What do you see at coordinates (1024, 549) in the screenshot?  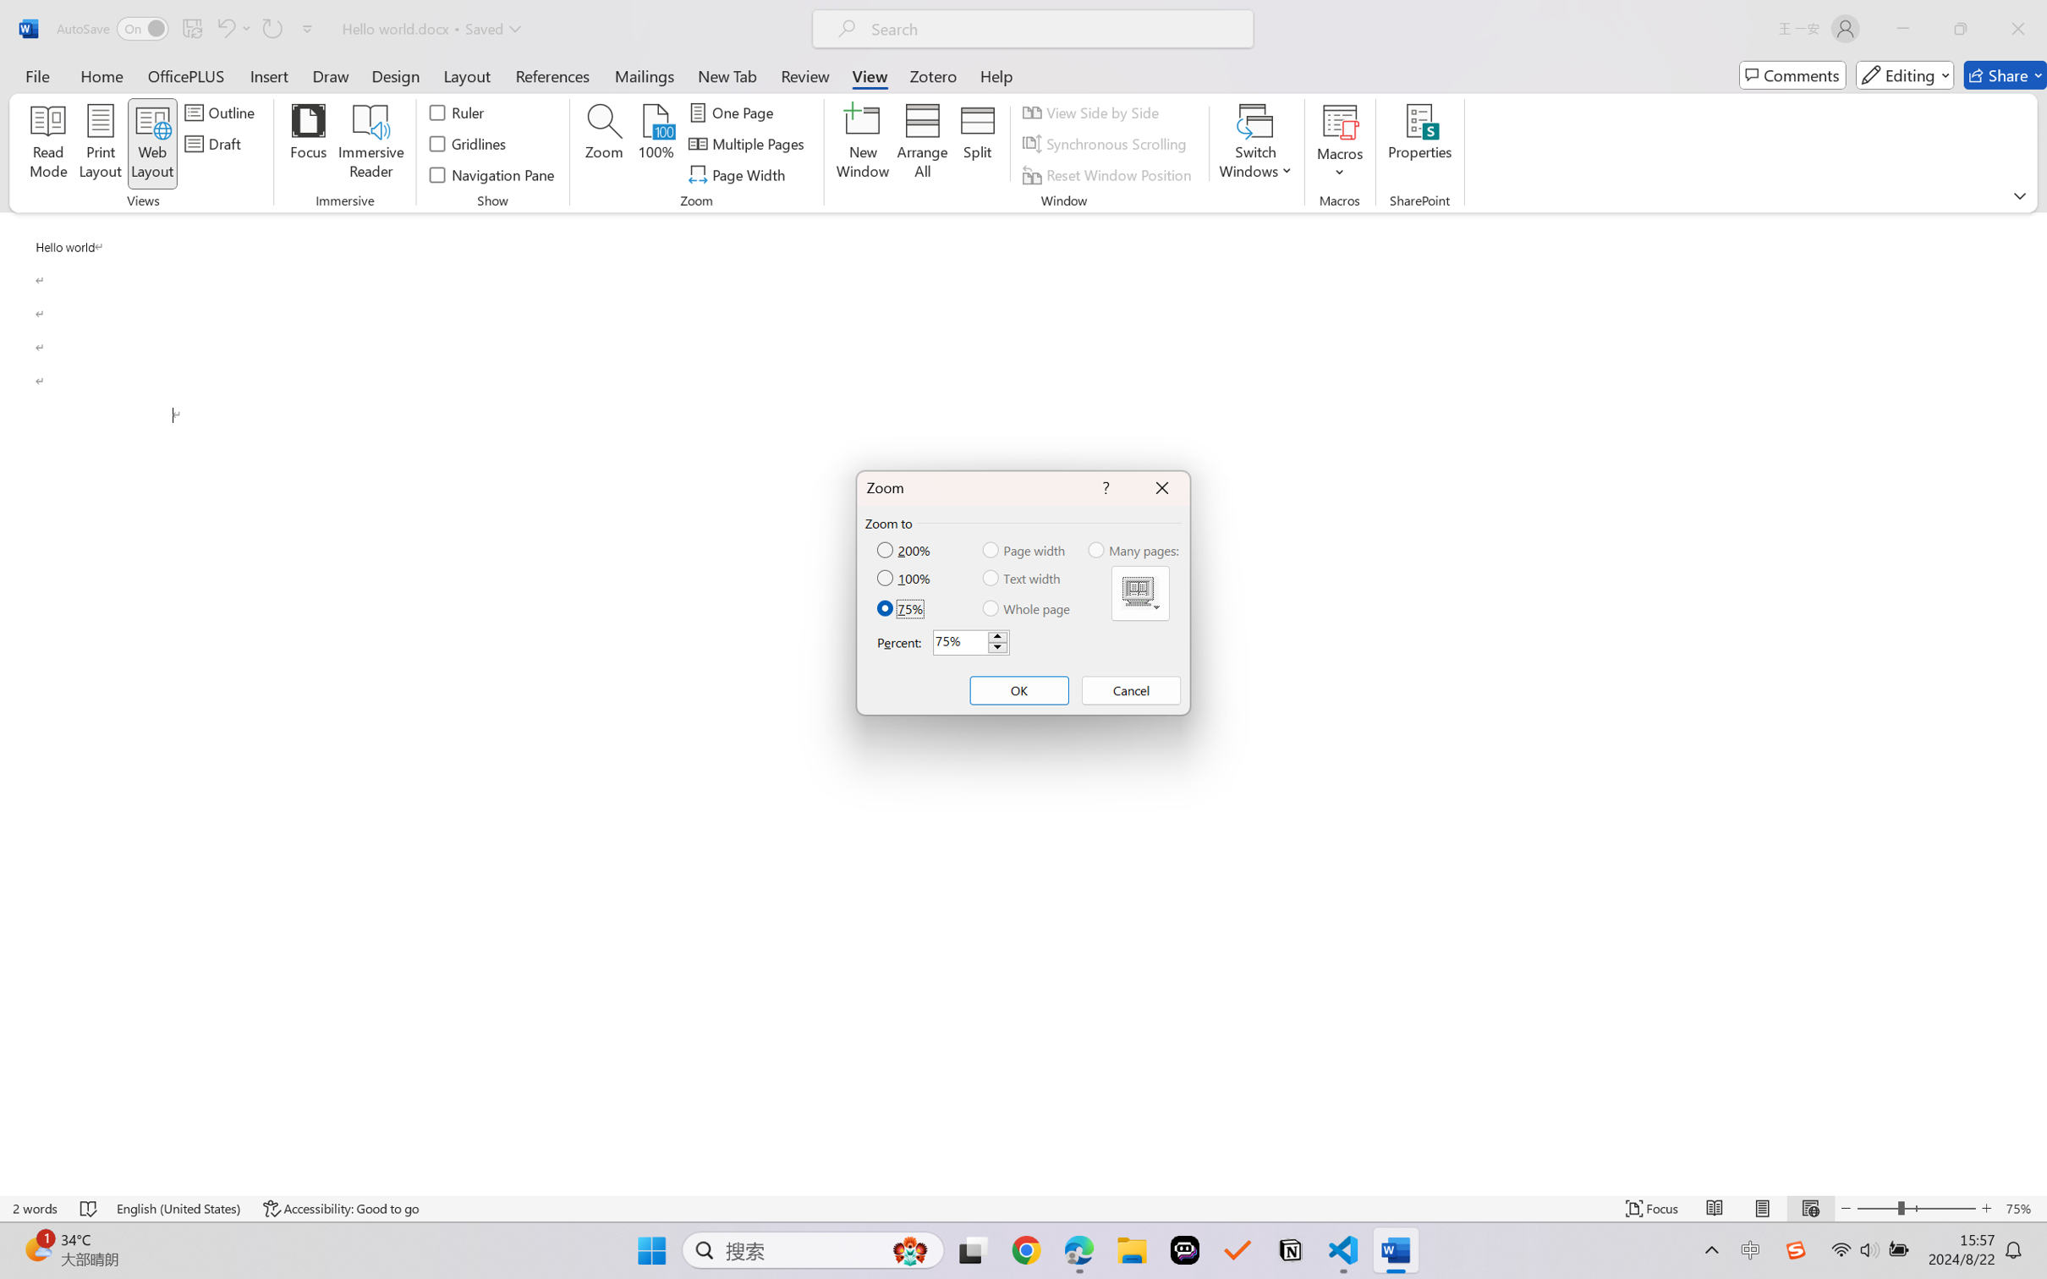 I see `'Page width'` at bounding box center [1024, 549].